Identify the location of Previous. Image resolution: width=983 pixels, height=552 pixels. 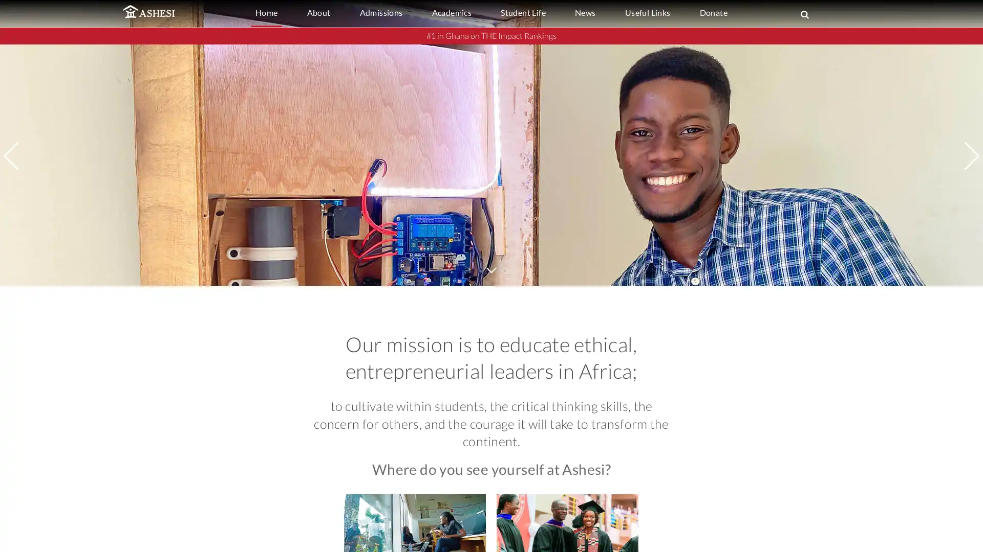
(17, 288).